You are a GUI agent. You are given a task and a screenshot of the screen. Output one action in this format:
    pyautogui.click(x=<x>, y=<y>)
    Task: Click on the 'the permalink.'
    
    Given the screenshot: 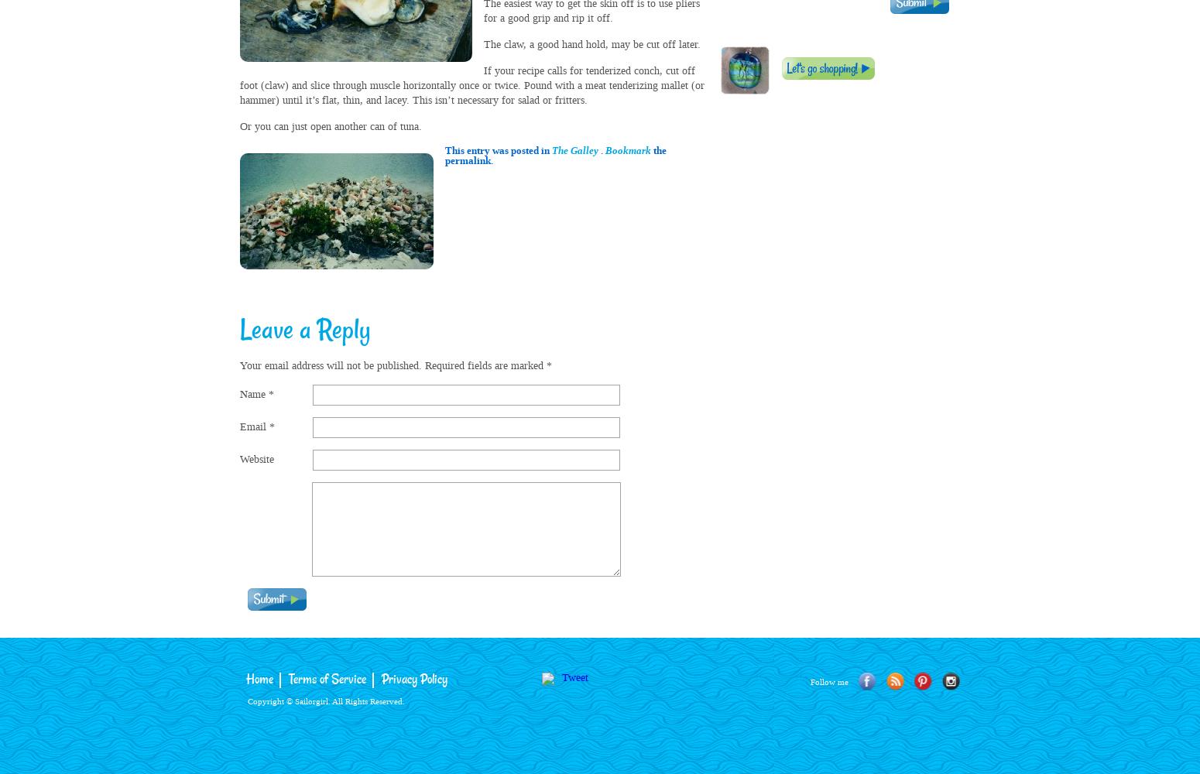 What is the action you would take?
    pyautogui.click(x=445, y=155)
    